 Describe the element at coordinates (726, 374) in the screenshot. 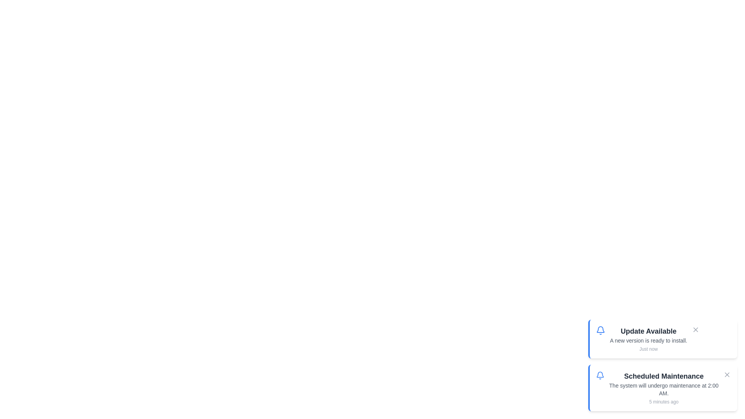

I see `the close button of the notification with title 'Scheduled Maintenance'` at that location.